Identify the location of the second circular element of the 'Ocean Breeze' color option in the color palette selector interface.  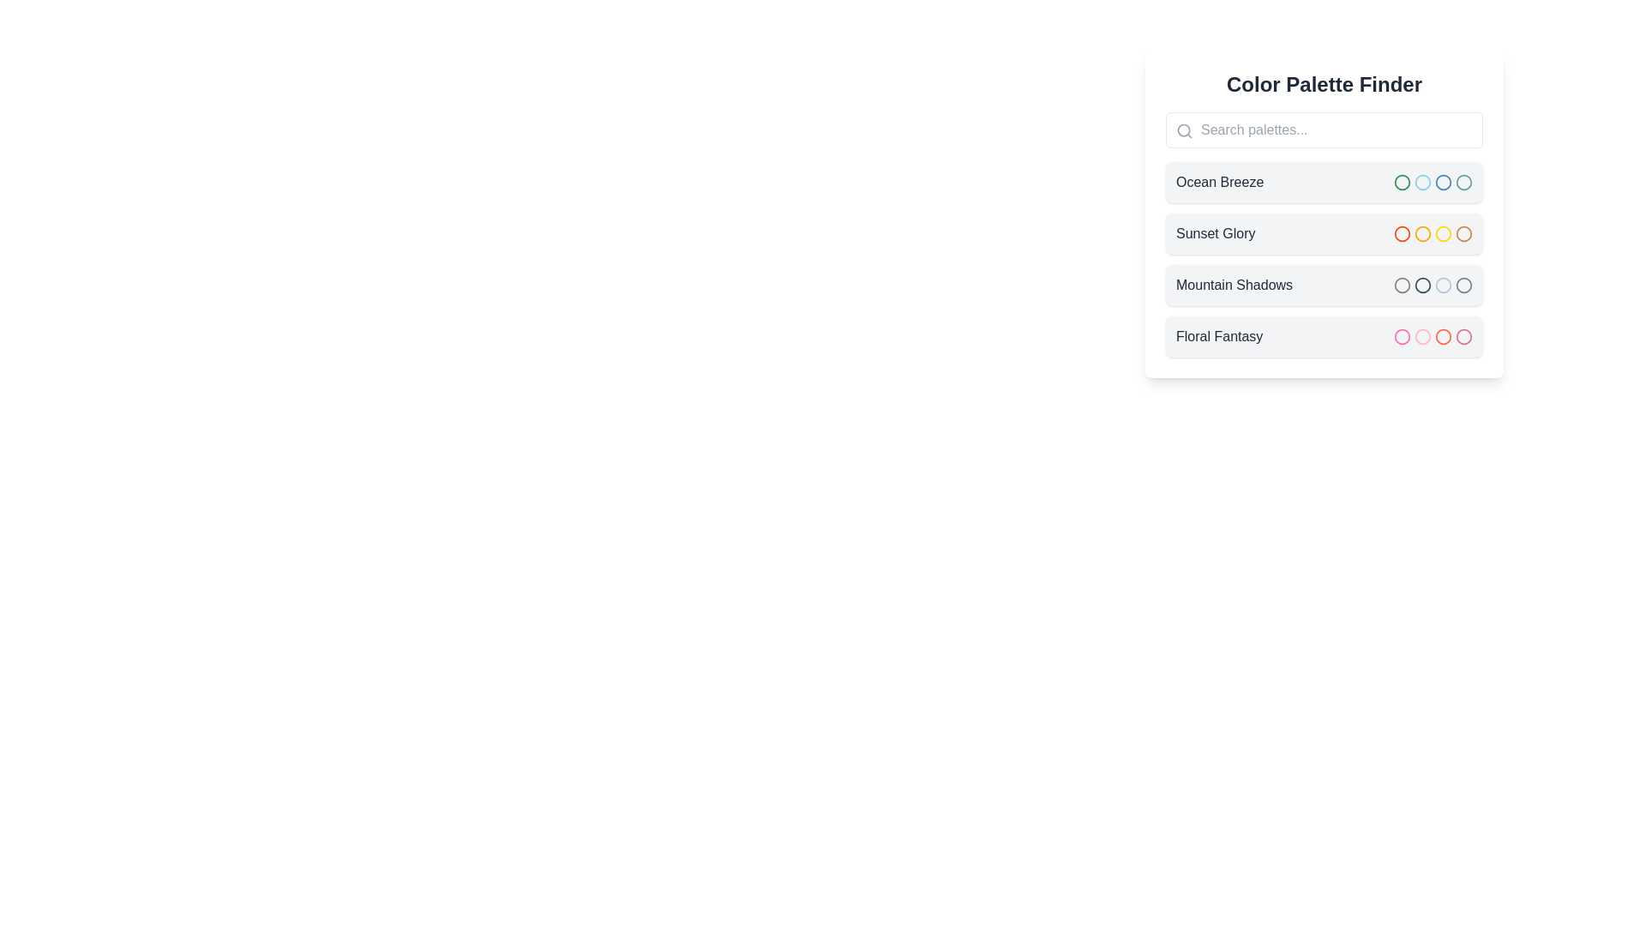
(1423, 182).